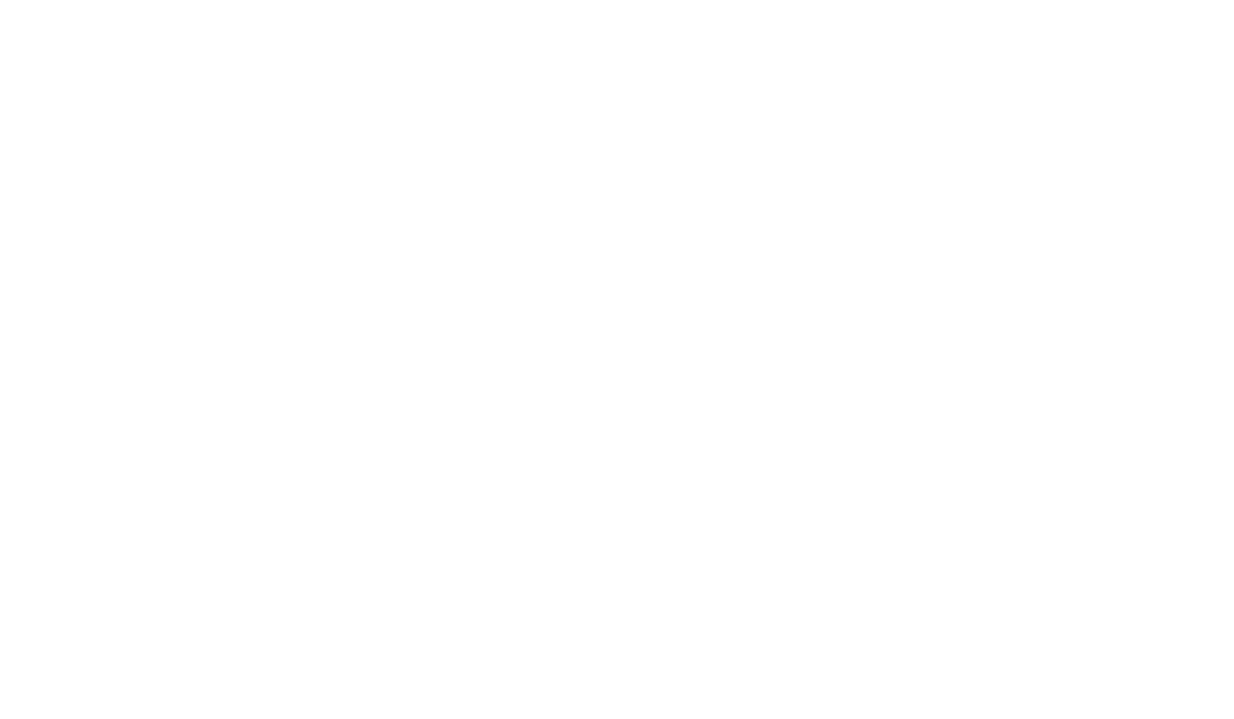 The height and width of the screenshot is (719, 1234). I want to click on 'Take advantage of both preventative and emergency services.', so click(429, 706).